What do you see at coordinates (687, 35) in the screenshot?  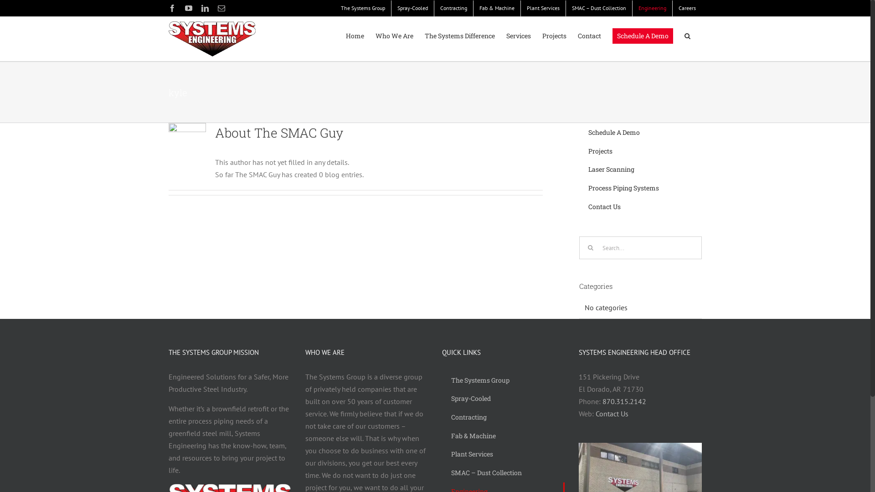 I see `'Search'` at bounding box center [687, 35].